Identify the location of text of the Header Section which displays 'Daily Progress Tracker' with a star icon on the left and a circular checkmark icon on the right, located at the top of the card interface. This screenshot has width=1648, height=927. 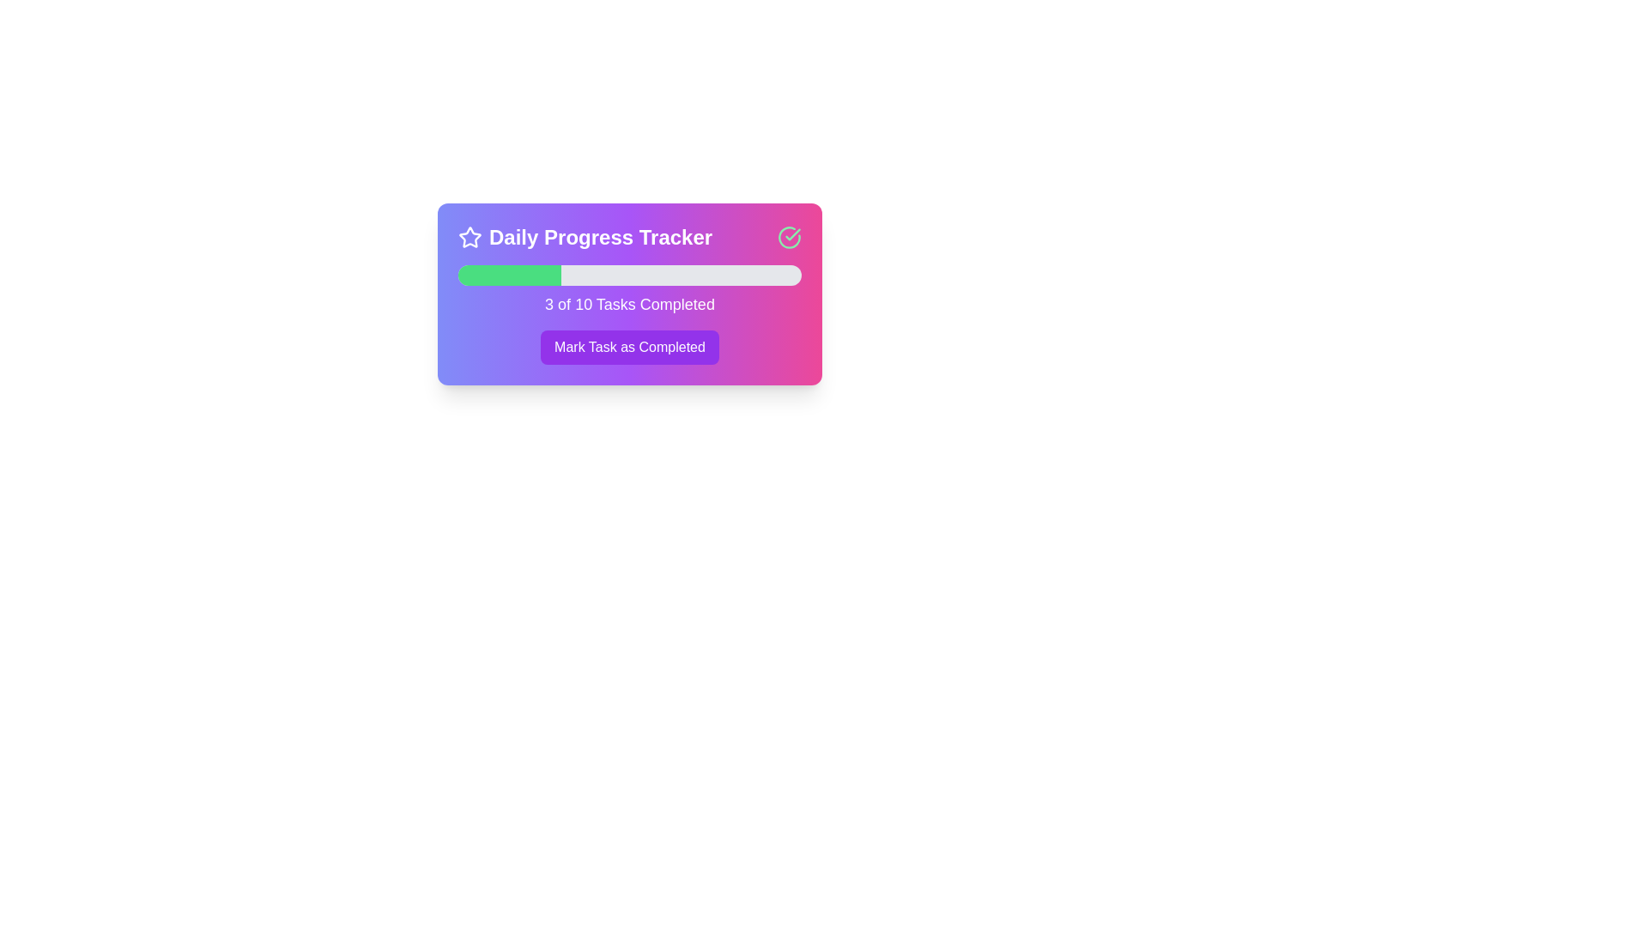
(629, 238).